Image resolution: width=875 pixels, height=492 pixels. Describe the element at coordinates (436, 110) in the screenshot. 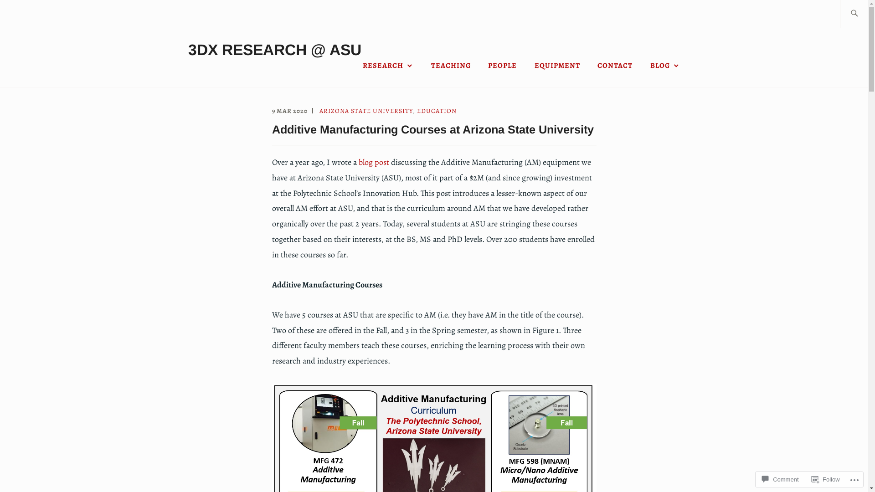

I see `'EDUCATION'` at that location.